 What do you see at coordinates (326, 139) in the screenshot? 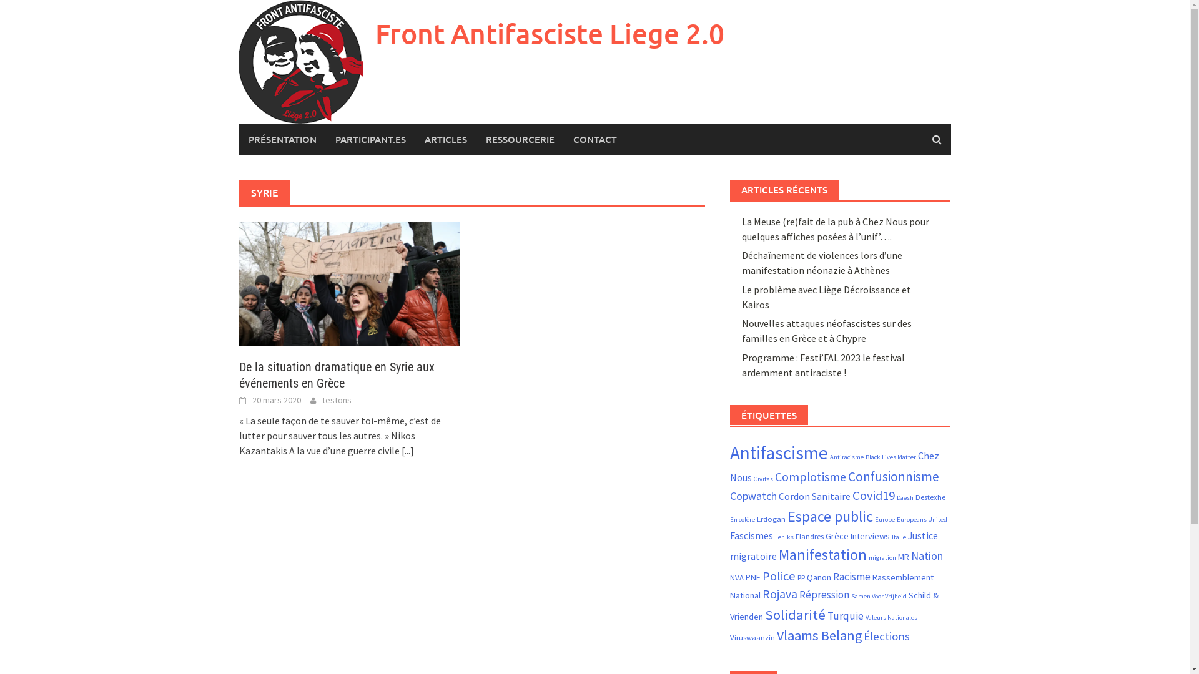
I see `'PARTICIPANT.ES'` at bounding box center [326, 139].